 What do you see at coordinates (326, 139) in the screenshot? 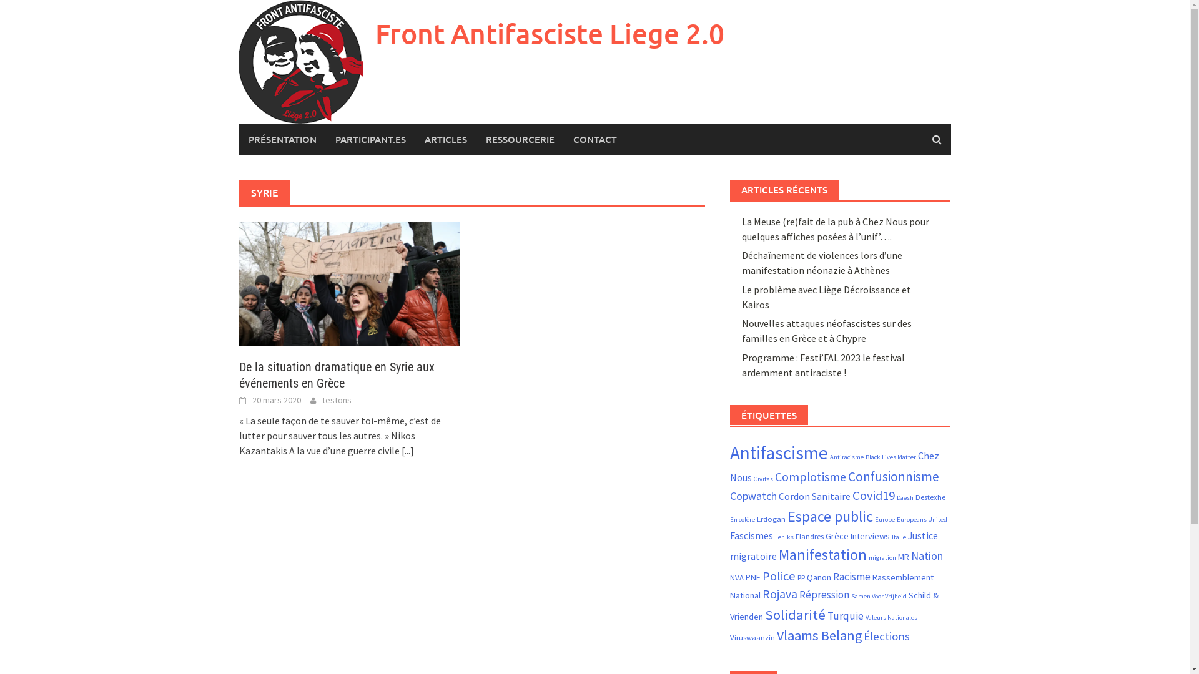
I see `'PARTICIPANT.ES'` at bounding box center [326, 139].